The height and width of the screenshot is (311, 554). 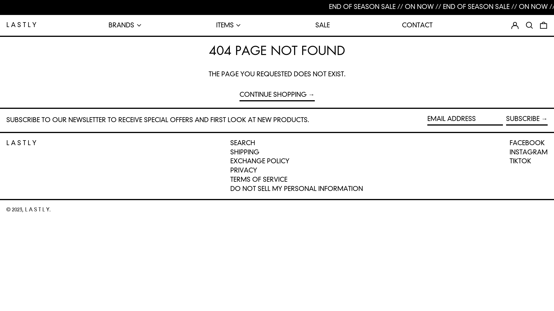 What do you see at coordinates (126, 25) in the screenshot?
I see `'BRANDS'` at bounding box center [126, 25].